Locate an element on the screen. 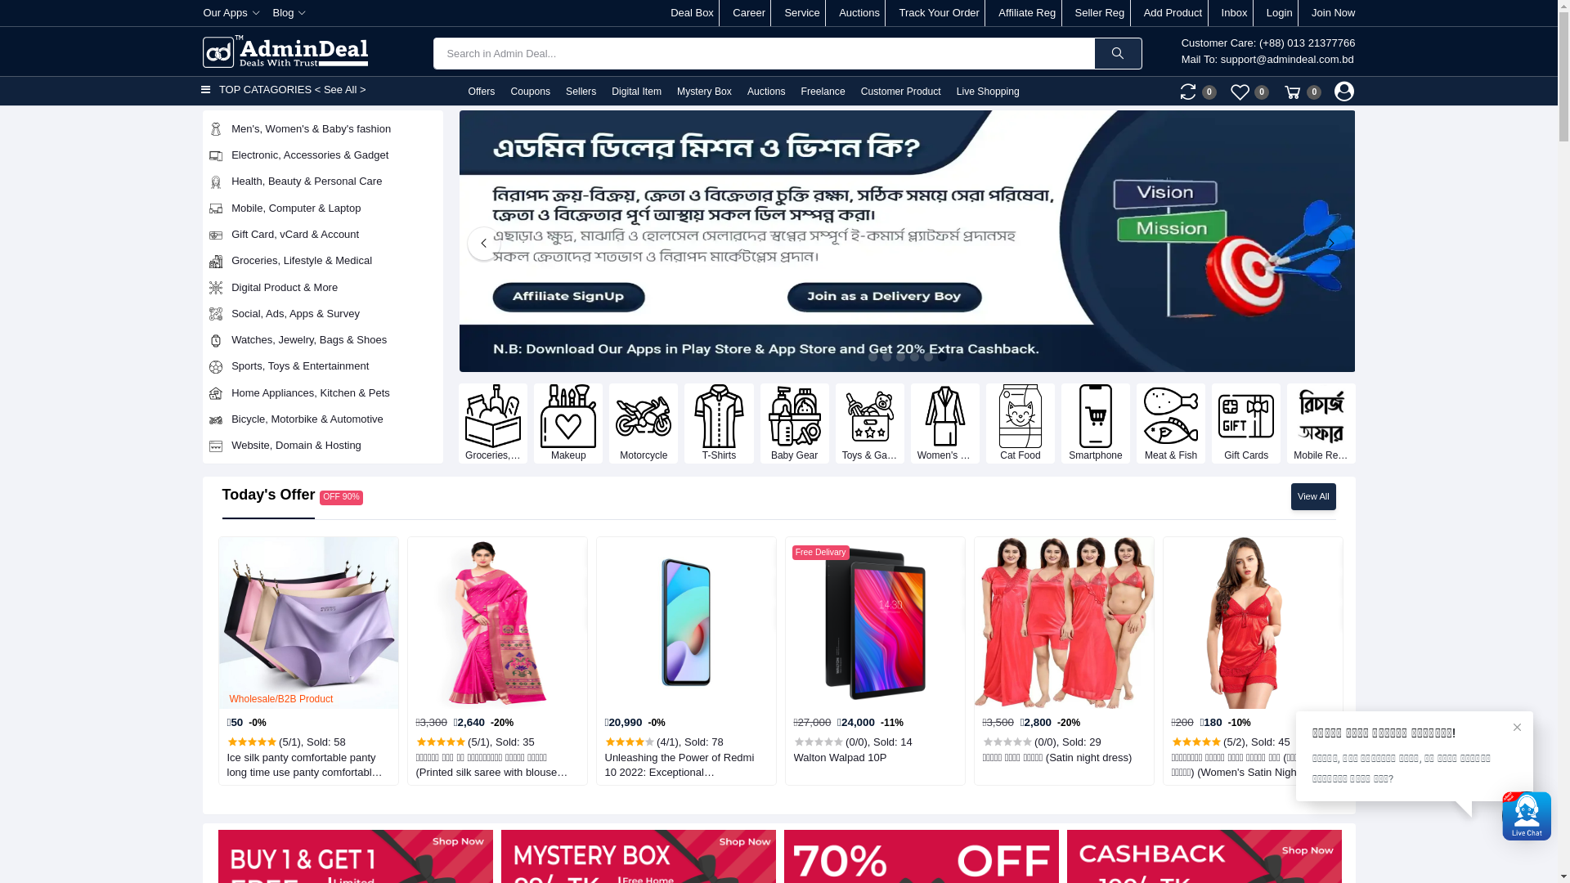 The width and height of the screenshot is (1570, 883). 'Groceries, Lifestyle & Medical' is located at coordinates (323, 260).